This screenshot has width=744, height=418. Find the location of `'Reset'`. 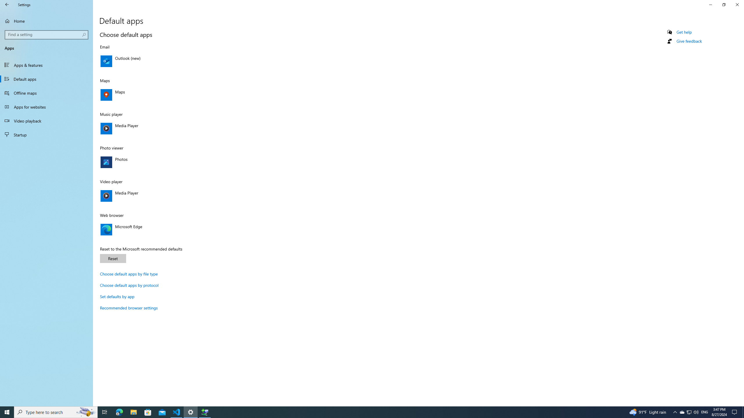

'Reset' is located at coordinates (113, 258).